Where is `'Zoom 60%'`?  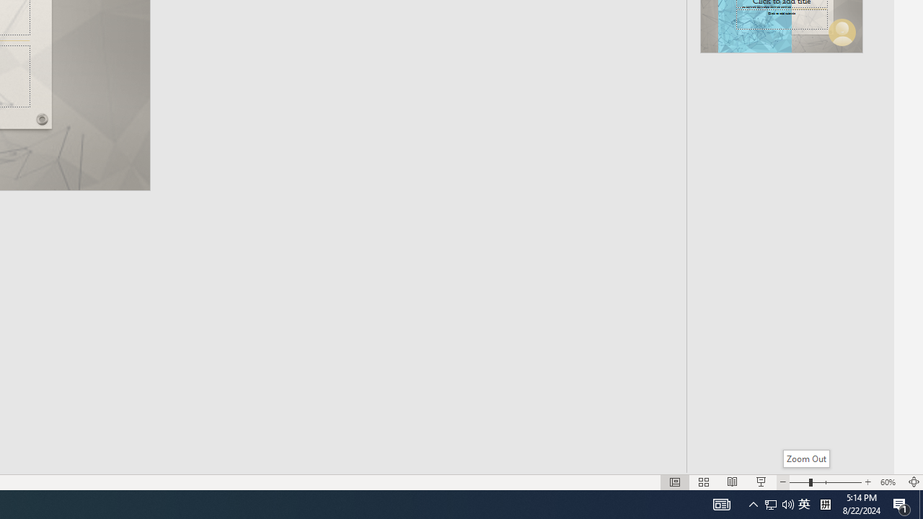
'Zoom 60%' is located at coordinates (889, 482).